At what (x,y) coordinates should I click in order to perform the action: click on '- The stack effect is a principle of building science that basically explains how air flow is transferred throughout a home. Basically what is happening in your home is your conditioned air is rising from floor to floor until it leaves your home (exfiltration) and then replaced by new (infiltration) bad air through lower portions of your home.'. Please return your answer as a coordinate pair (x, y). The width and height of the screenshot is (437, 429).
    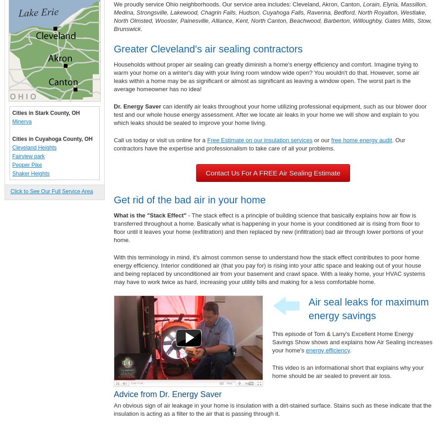
    Looking at the image, I should click on (113, 227).